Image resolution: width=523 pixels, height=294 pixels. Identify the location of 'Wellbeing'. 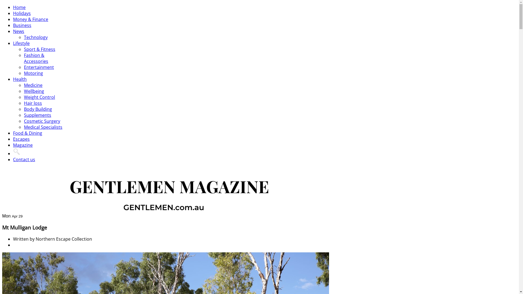
(34, 91).